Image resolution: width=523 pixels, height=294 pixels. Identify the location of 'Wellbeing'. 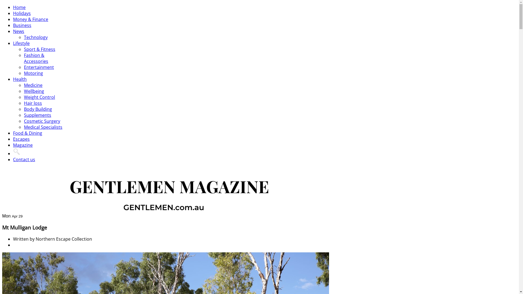
(34, 91).